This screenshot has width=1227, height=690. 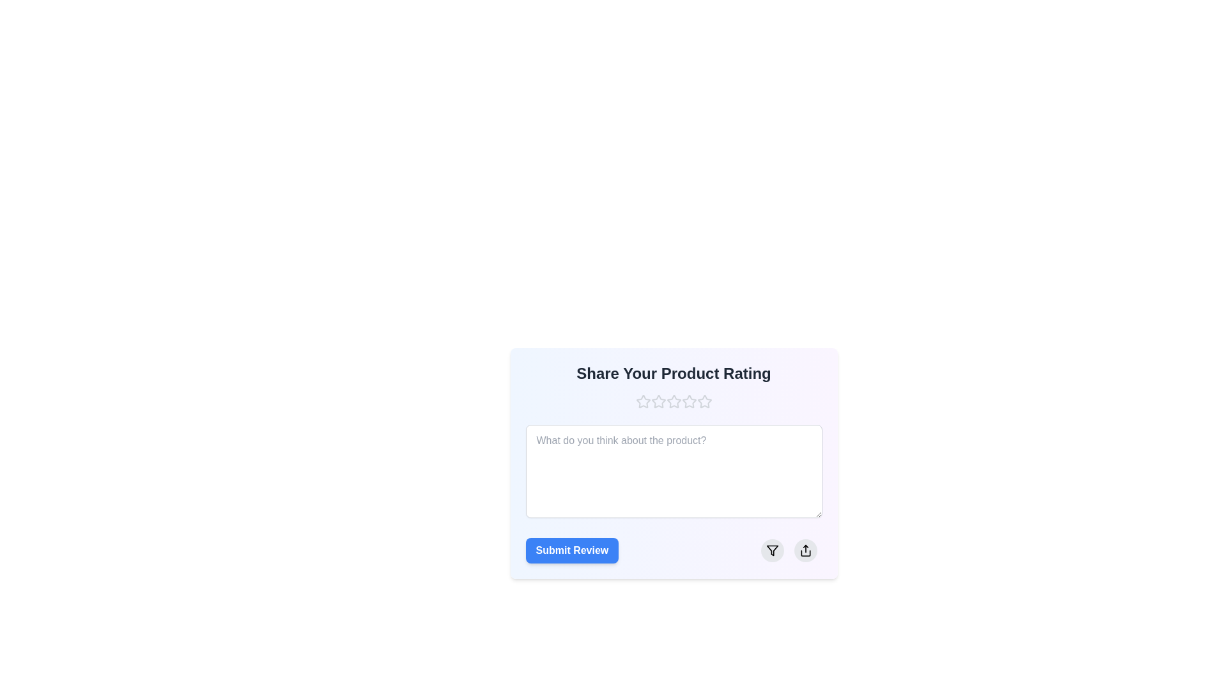 What do you see at coordinates (643, 401) in the screenshot?
I see `the first star-shaped rating icon` at bounding box center [643, 401].